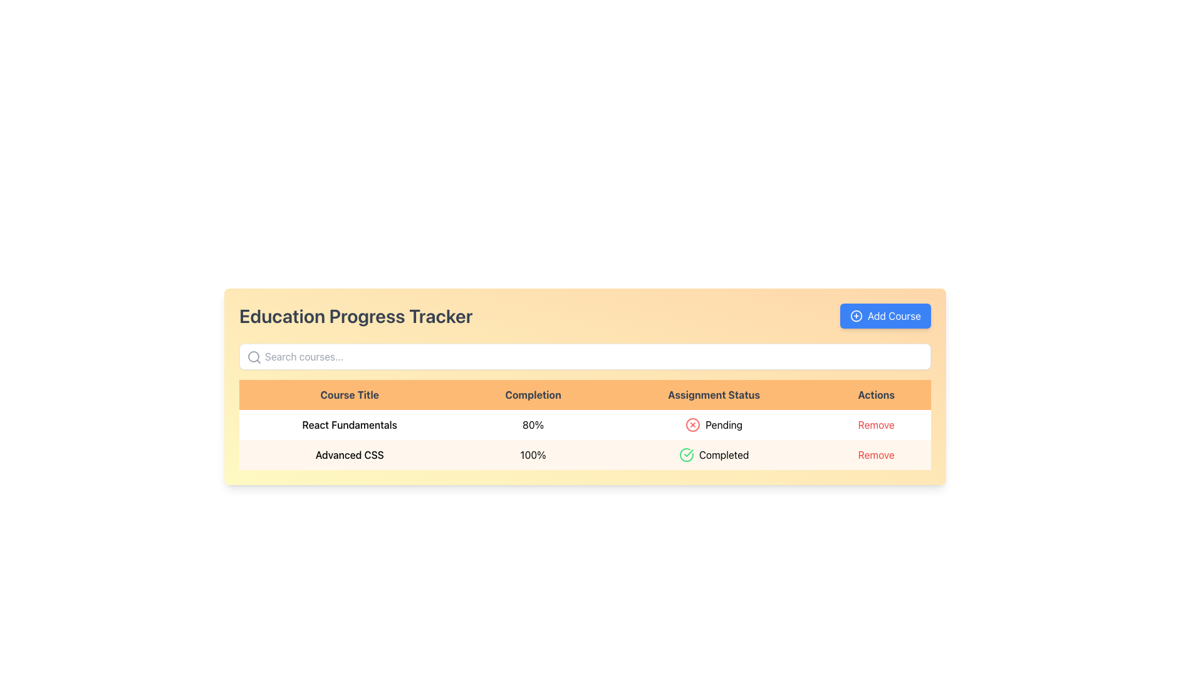 This screenshot has width=1203, height=676. Describe the element at coordinates (355, 315) in the screenshot. I see `the static text label that serves as a title or heading for the section, positioned above a search bar and aligned with the 'Add Course' button` at that location.